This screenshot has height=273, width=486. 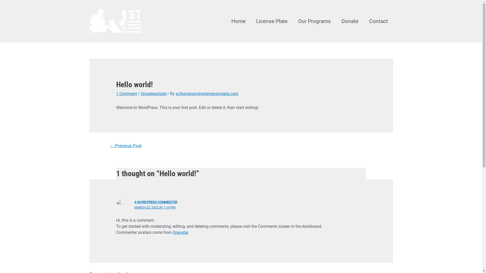 I want to click on 'Our Programs', so click(x=314, y=21).